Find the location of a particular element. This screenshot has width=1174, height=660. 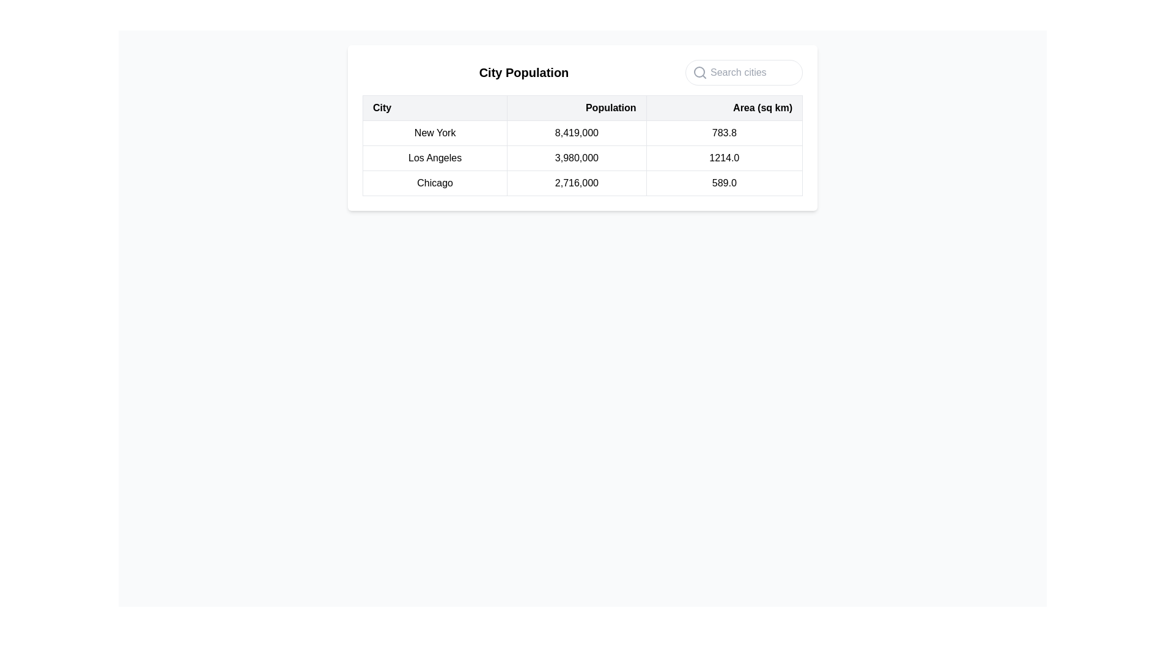

the second row of the data table, which contains the entries 'Los Angeles', '3,980,000', and '1214.0' is located at coordinates (582, 157).